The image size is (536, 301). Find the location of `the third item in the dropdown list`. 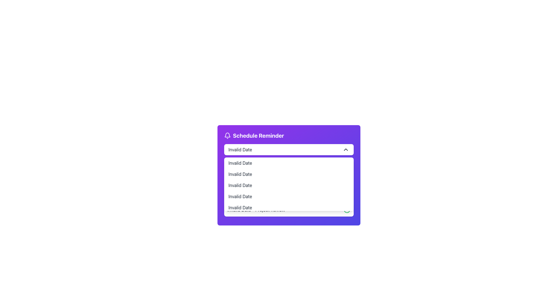

the third item in the dropdown list is located at coordinates (289, 185).